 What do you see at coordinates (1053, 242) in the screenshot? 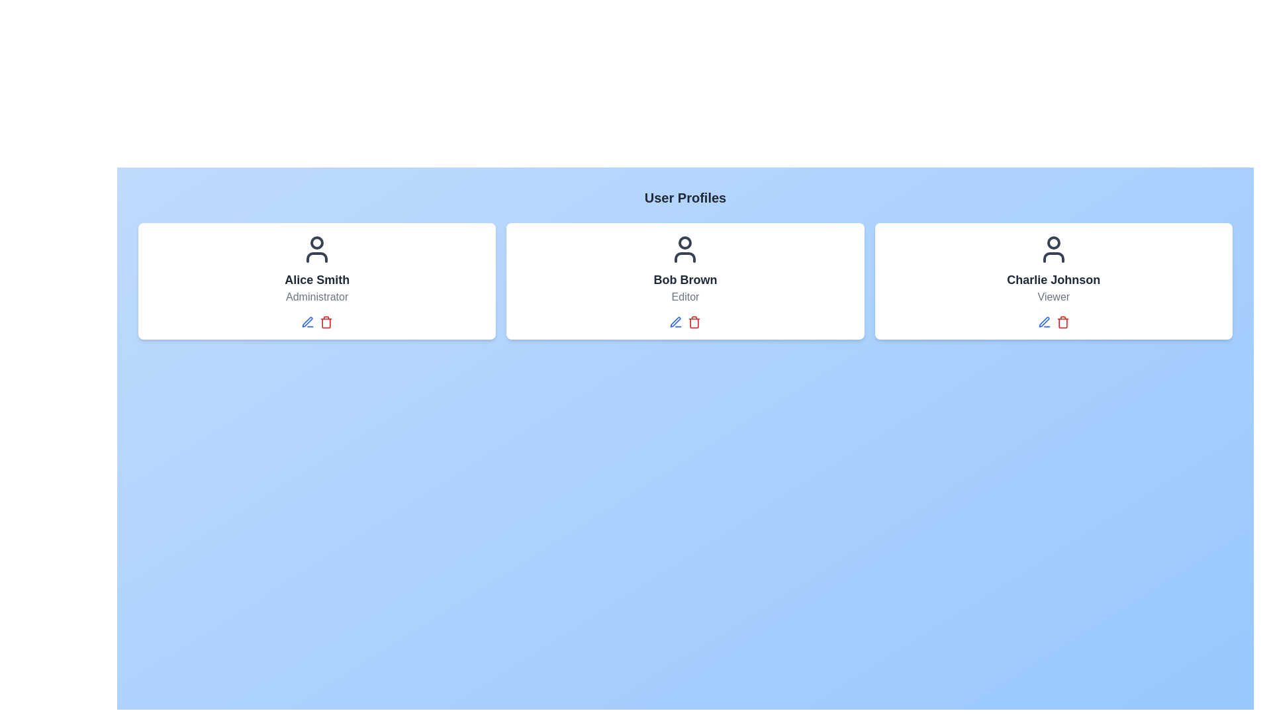
I see `the topmost circular graphical icon component representing Charlie Johnson's user profile` at bounding box center [1053, 242].